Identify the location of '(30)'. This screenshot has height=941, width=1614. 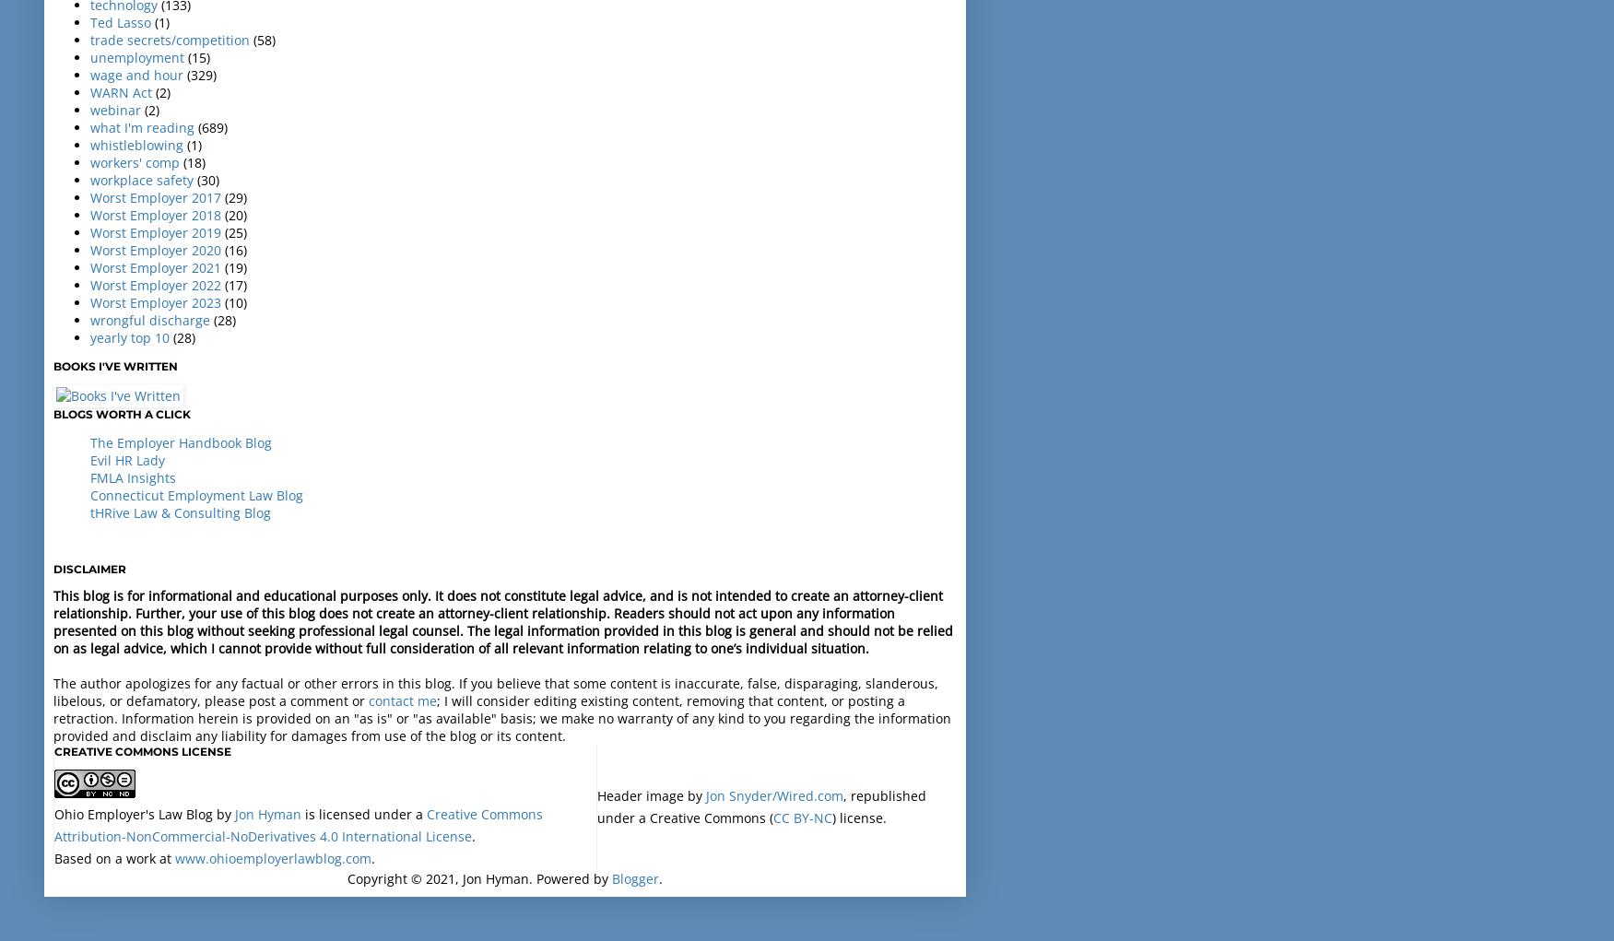
(207, 178).